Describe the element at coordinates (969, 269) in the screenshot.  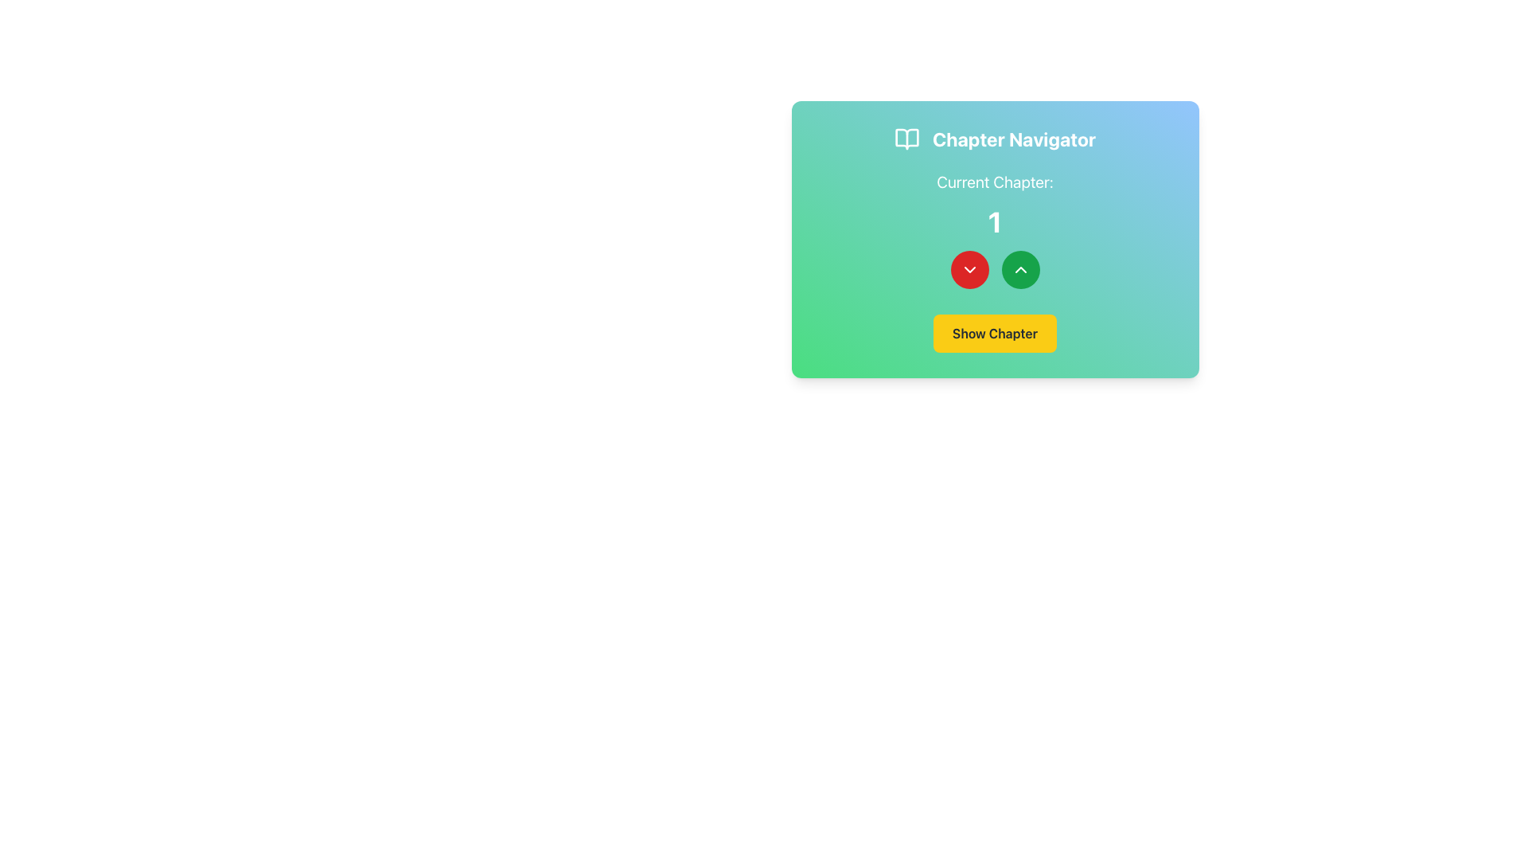
I see `the leftmost button with a downward-pointing chevron to decrement the chapter number, located beneath 'Current Chapter:' and the numerical display` at that location.